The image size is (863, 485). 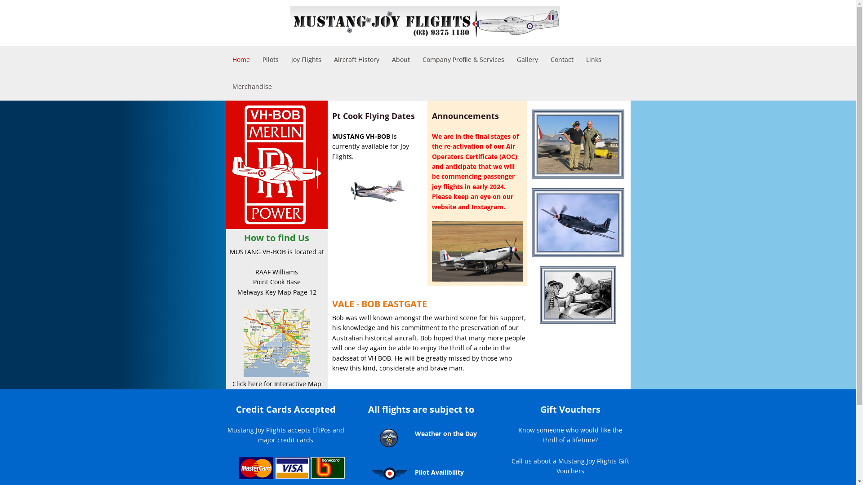 What do you see at coordinates (511, 59) in the screenshot?
I see `'Gallery'` at bounding box center [511, 59].